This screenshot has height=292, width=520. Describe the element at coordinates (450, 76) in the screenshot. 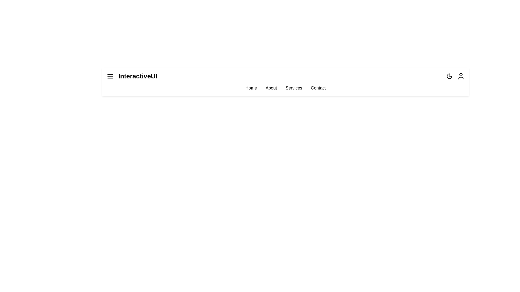

I see `the sun or moon icon to toggle between light and dark mode` at that location.